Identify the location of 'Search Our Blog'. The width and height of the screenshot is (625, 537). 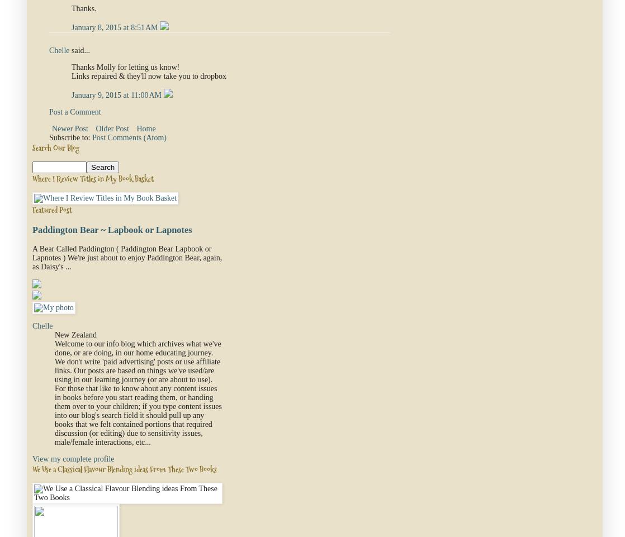
(55, 146).